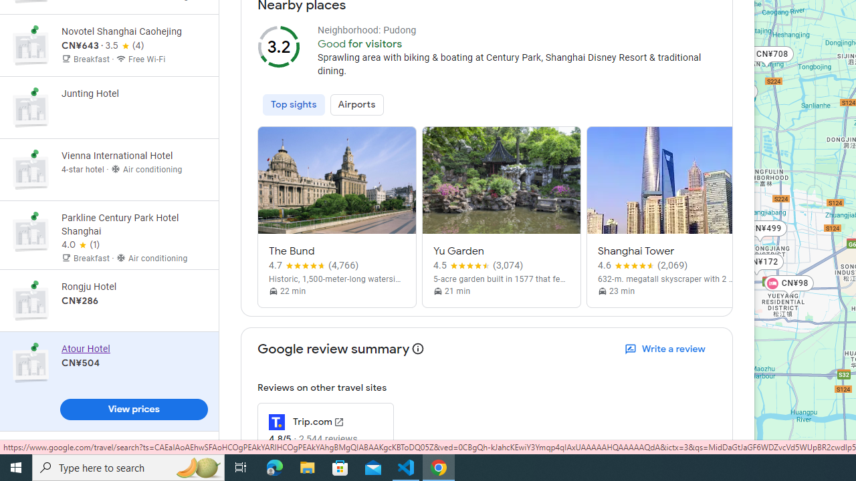 The image size is (856, 481). What do you see at coordinates (134, 409) in the screenshot?
I see `'View prices'` at bounding box center [134, 409].